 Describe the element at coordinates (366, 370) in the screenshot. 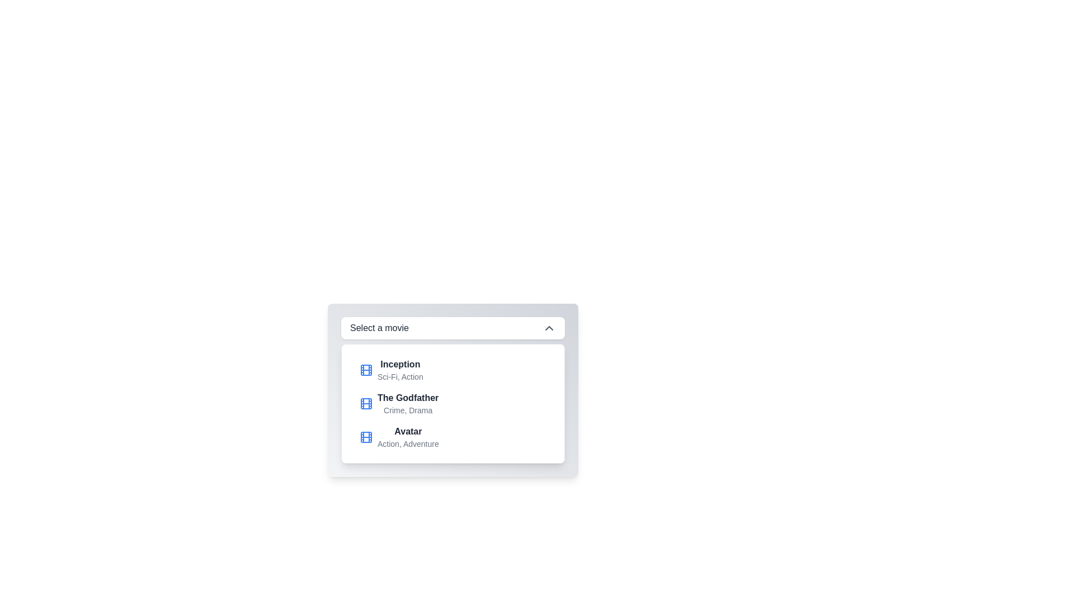

I see `the movie icon representing 'Inception', which features a distinctive rectangle at its top-left corner as part of its design` at that location.